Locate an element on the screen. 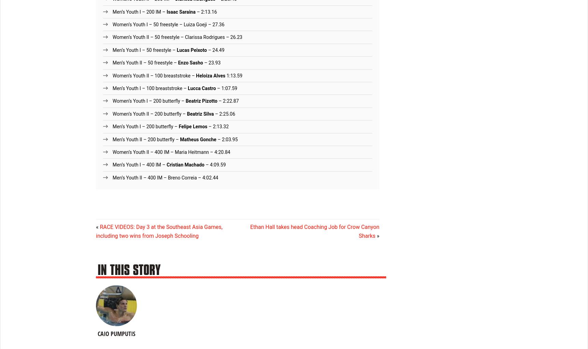  'Lucas Peixoto' is located at coordinates (191, 49).